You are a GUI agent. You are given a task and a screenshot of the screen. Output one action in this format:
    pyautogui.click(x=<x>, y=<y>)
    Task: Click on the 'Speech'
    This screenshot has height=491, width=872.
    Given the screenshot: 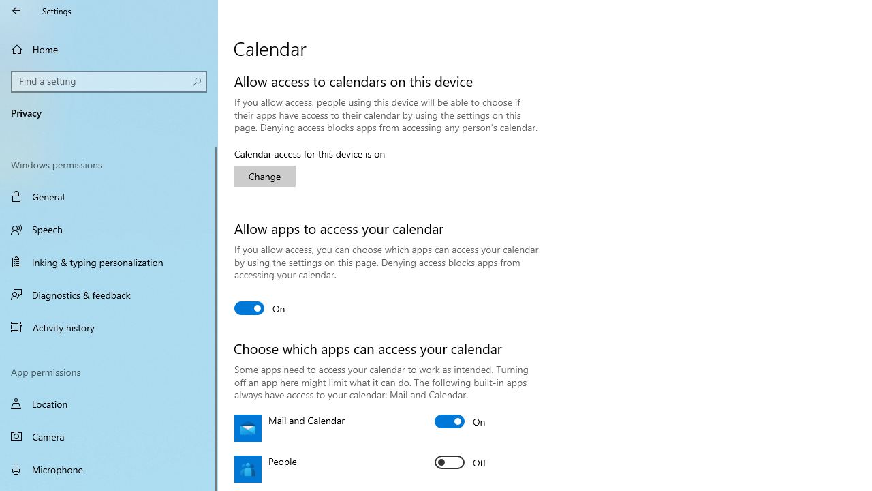 What is the action you would take?
    pyautogui.click(x=109, y=228)
    